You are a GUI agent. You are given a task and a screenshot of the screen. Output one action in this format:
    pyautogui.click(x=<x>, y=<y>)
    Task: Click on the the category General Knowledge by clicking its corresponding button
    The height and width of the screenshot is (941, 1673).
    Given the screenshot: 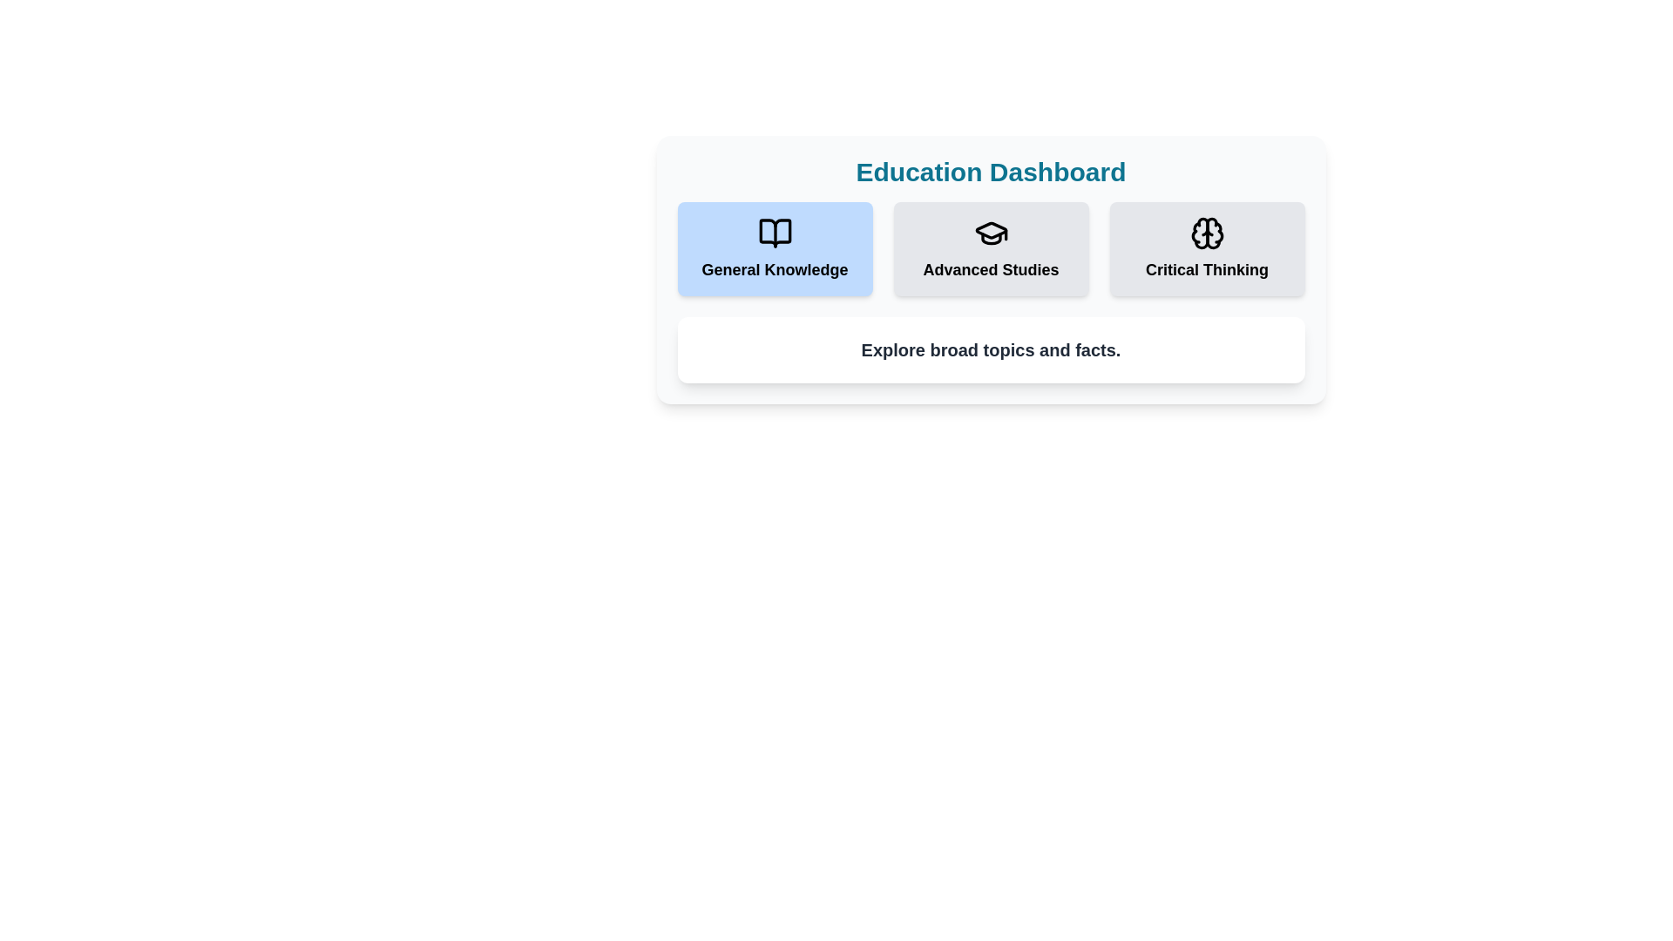 What is the action you would take?
    pyautogui.click(x=774, y=248)
    